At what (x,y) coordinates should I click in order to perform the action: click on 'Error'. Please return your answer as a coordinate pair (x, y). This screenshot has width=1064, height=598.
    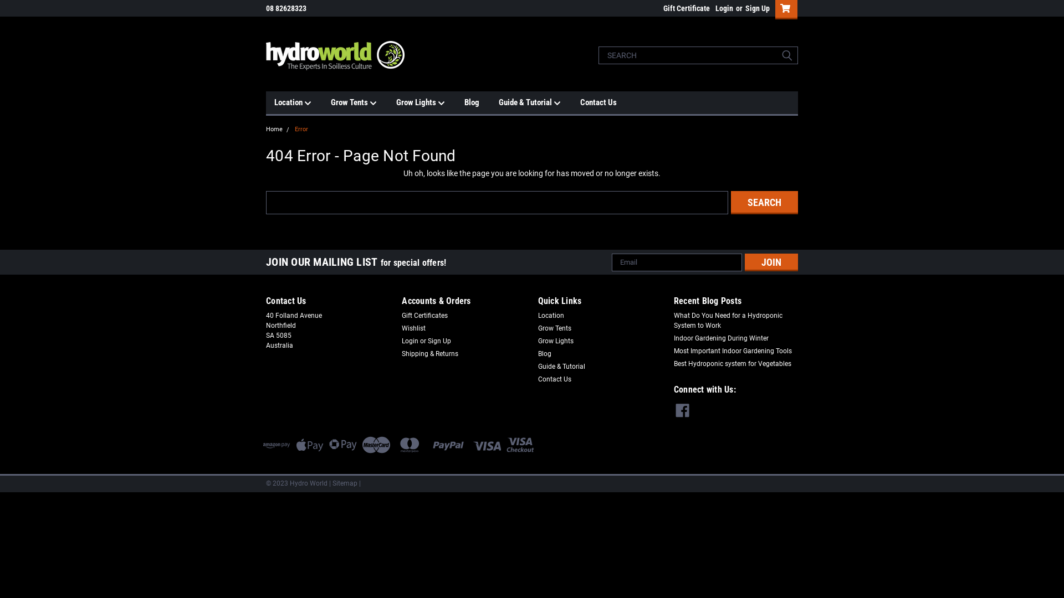
    Looking at the image, I should click on (301, 128).